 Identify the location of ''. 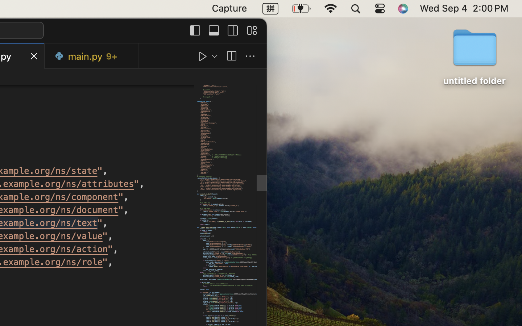
(231, 56).